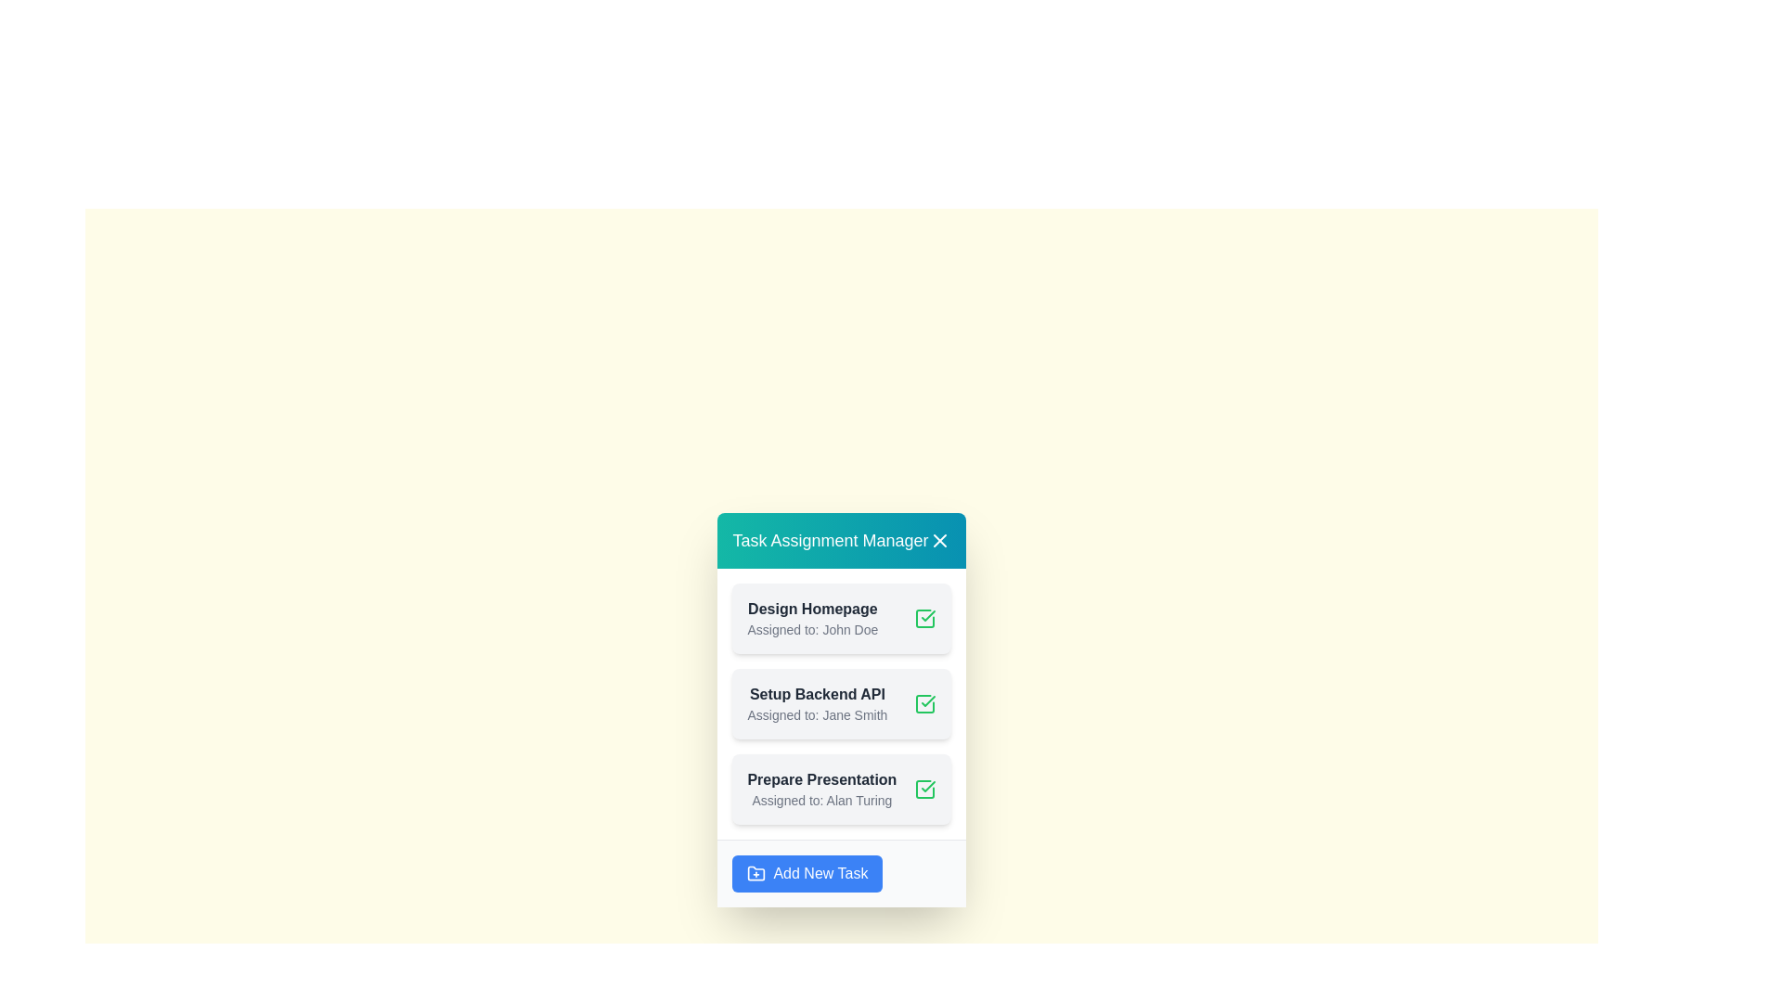 Image resolution: width=1782 pixels, height=1002 pixels. Describe the element at coordinates (924, 618) in the screenshot. I see `the checkmark icon for the task 'Design Homepage' to mark it as completed` at that location.